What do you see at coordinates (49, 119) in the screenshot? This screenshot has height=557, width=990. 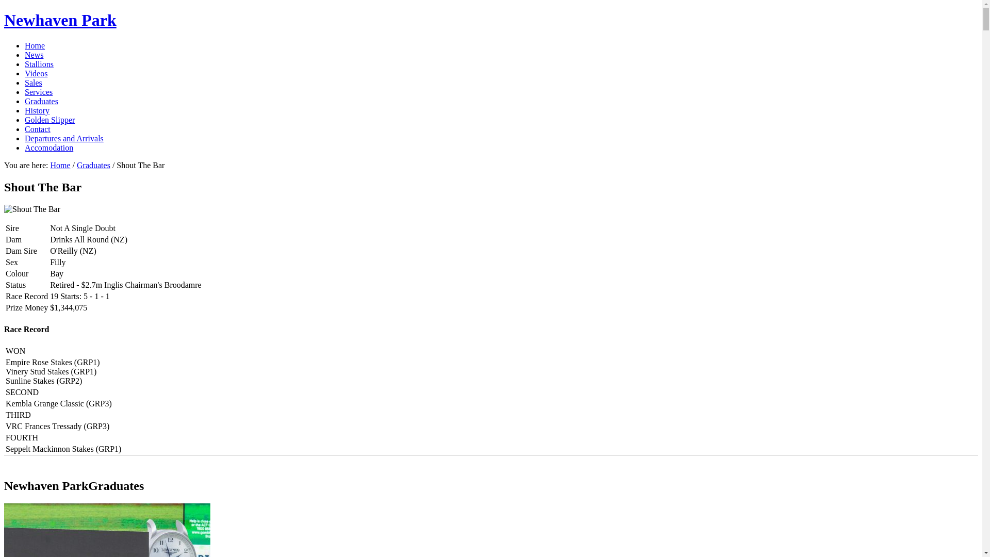 I see `'Golden Slipper'` at bounding box center [49, 119].